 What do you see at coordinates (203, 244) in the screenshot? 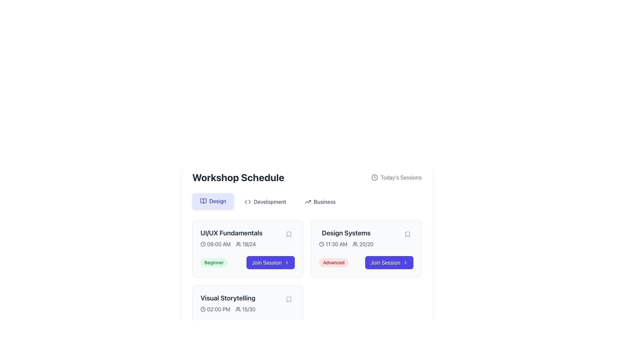
I see `the small clock icon, which is a static decorative element located to the left of the '09:00 AM' text in the 'UI/UX Fundamentals' session card` at bounding box center [203, 244].